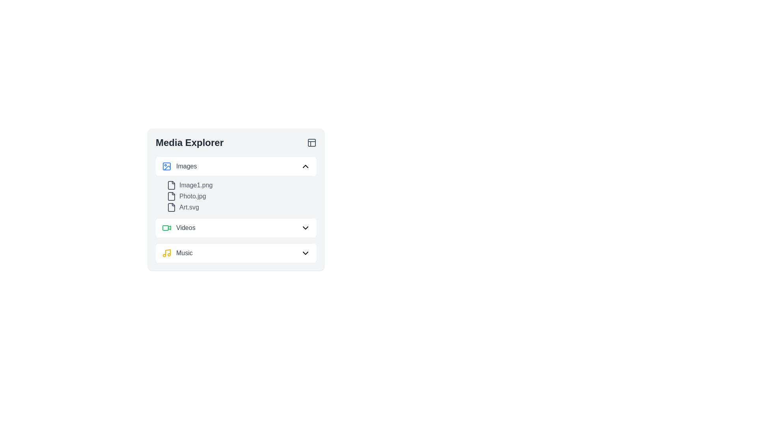 This screenshot has width=757, height=426. I want to click on the graphical icon representing the 'Photo.jpg' file document located in the Media Explorer panel, so click(171, 196).